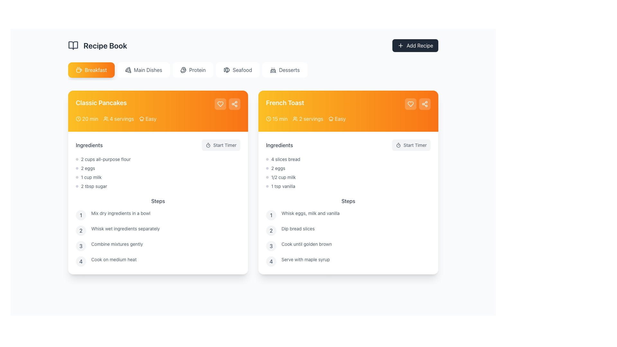  Describe the element at coordinates (271, 246) in the screenshot. I see `the Circular Step Indicator for Step 3 in the 'French Toast' recipe, which is located to the left of the text 'Cook until golden brown'` at that location.